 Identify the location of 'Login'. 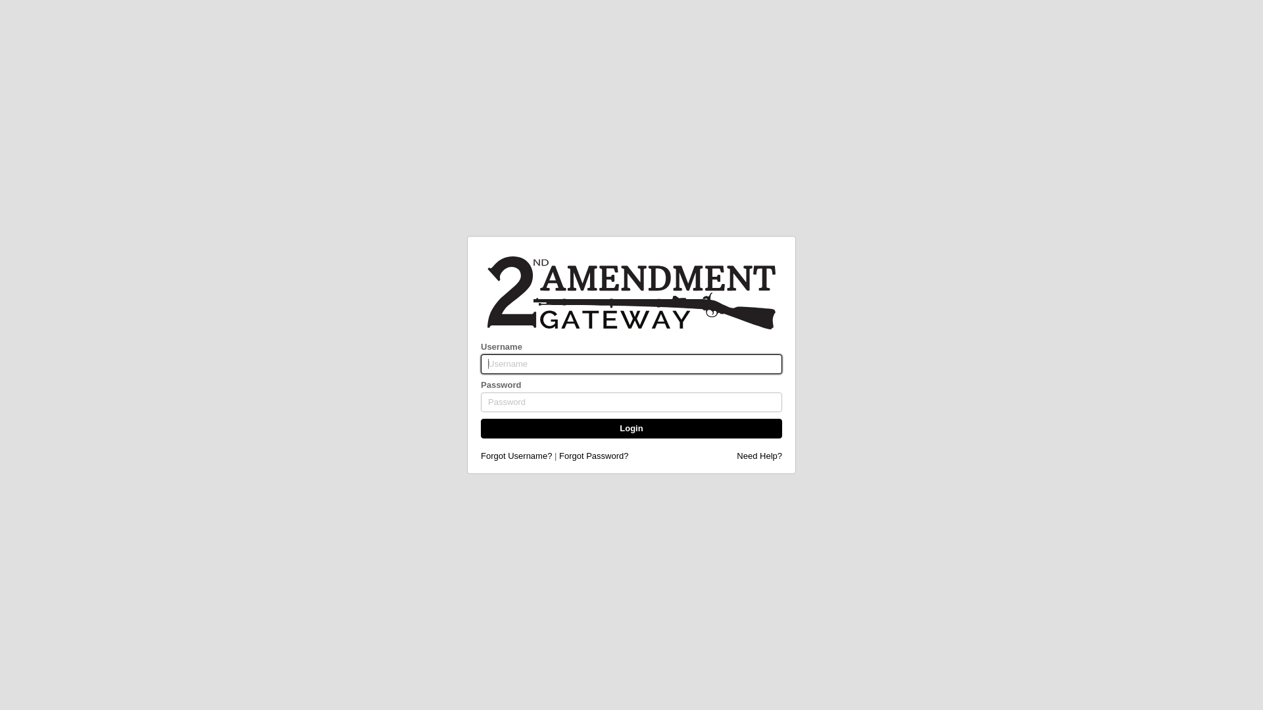
(631, 428).